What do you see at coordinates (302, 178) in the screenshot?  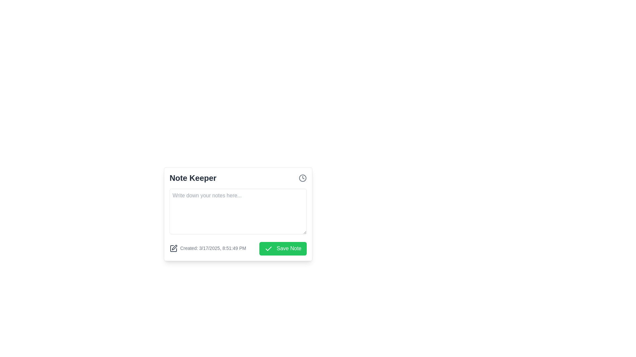 I see `the time-related icon located to the far right within the header section of the 'Note Keeper' interface, next to the title text 'Note Keeper'` at bounding box center [302, 178].